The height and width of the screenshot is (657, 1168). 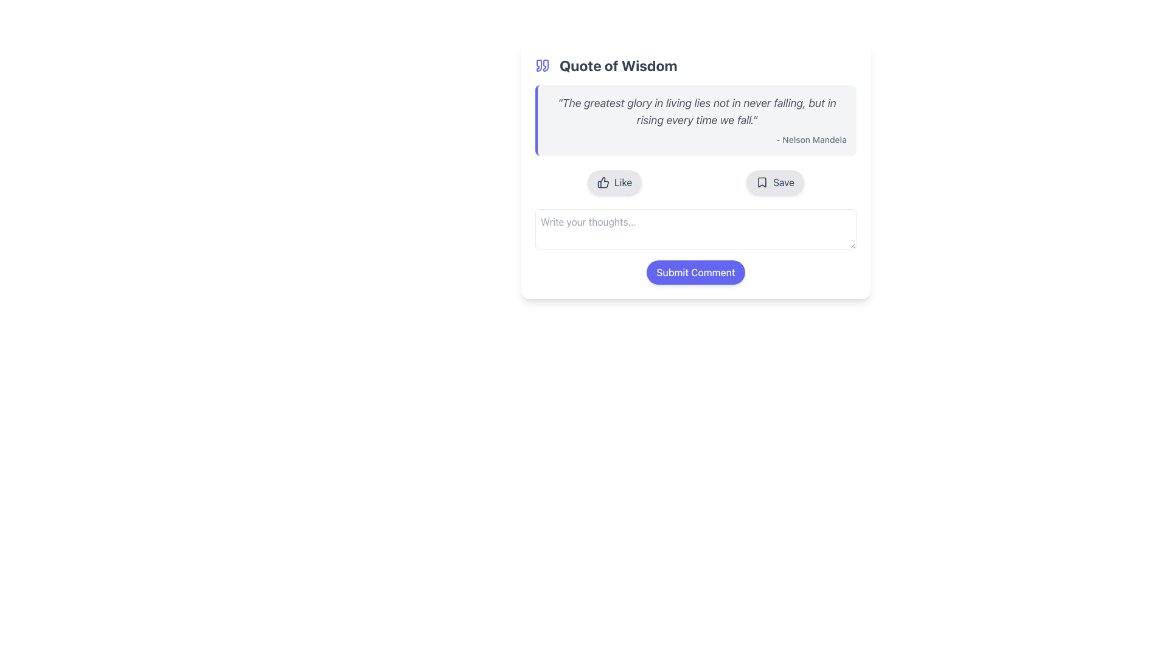 What do you see at coordinates (603, 182) in the screenshot?
I see `the like icon located on the left-hand side of the 'Like' button below the quote text to express approval for the content` at bounding box center [603, 182].